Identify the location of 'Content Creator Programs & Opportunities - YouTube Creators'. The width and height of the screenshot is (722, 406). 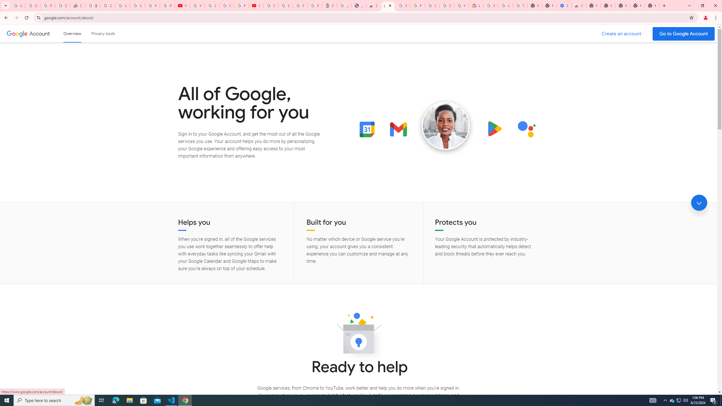
(256, 5).